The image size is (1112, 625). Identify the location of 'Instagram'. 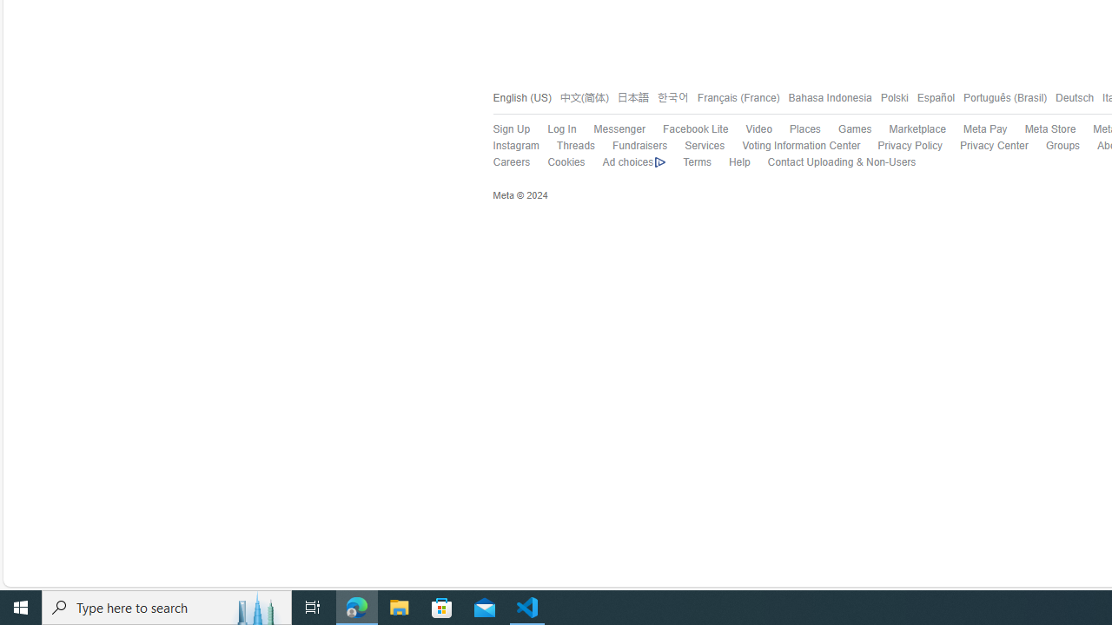
(514, 145).